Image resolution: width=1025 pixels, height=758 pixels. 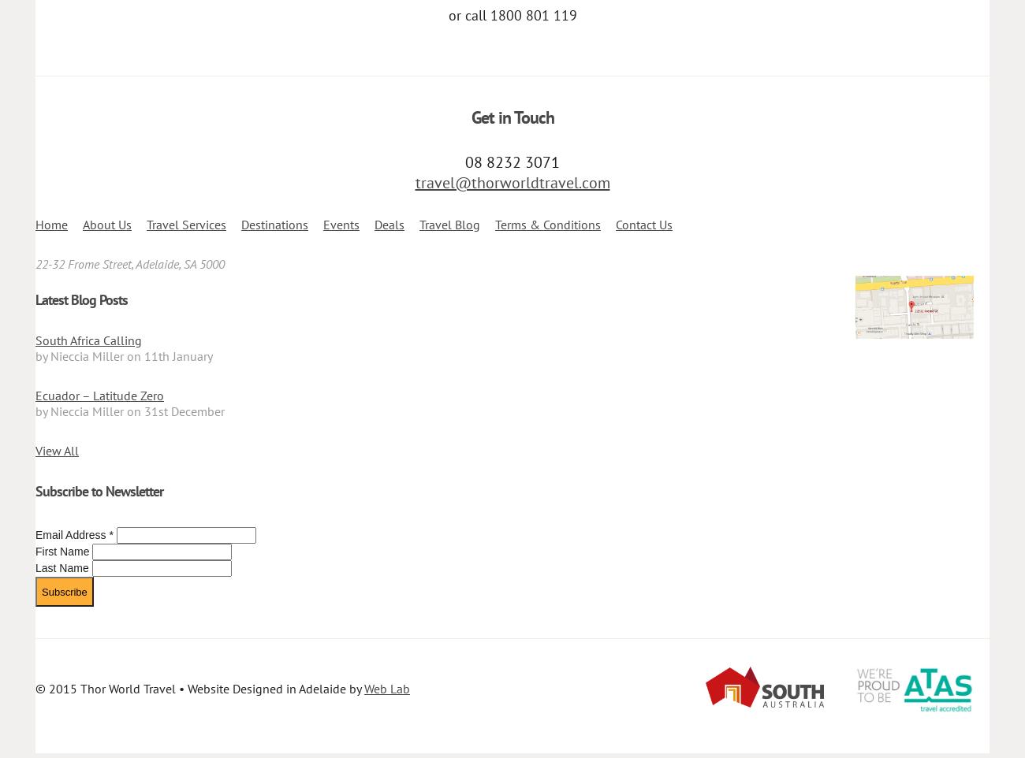 I want to click on 'Get in Touch', so click(x=469, y=117).